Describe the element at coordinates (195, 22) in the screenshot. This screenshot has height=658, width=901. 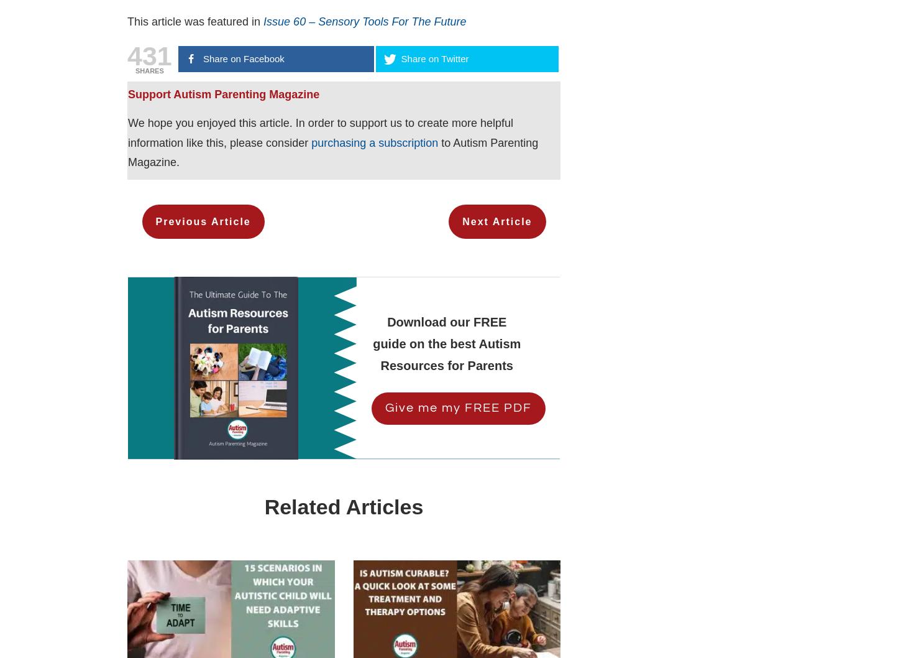
I see `'This article was featured in'` at that location.